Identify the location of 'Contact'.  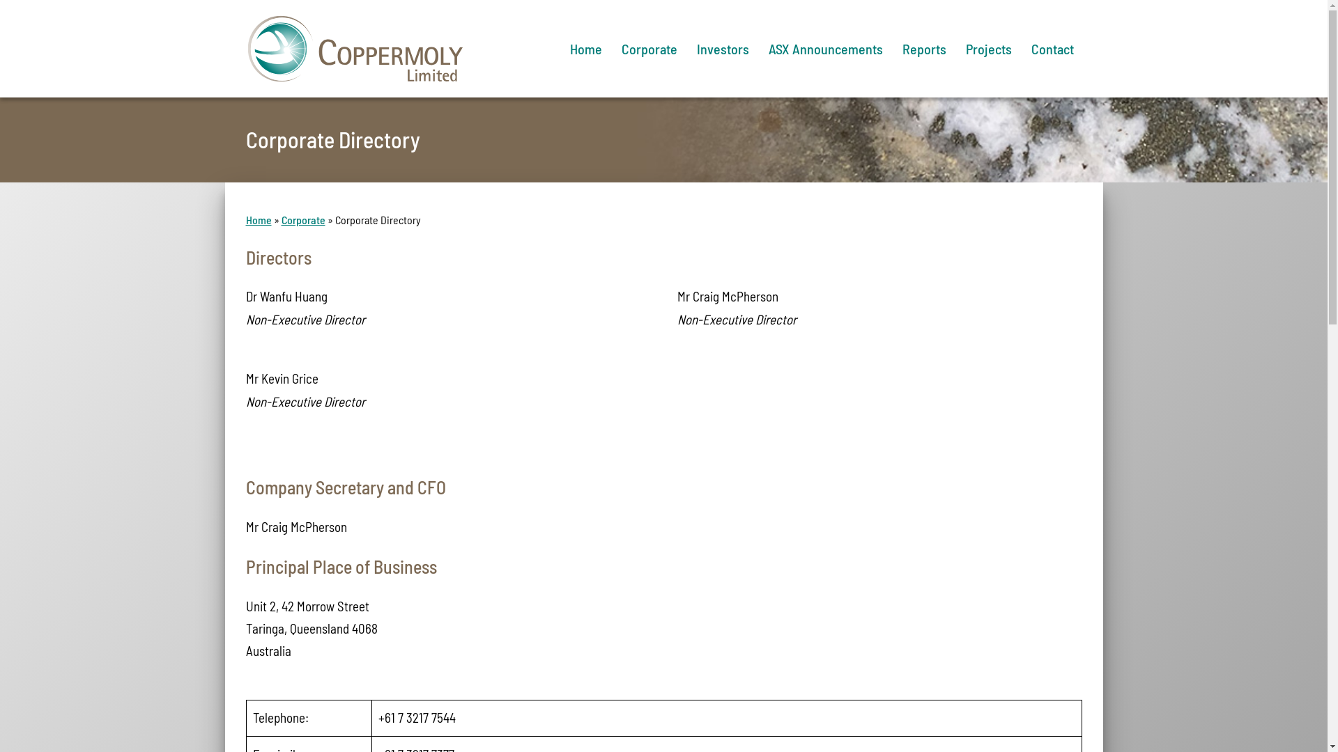
(1052, 47).